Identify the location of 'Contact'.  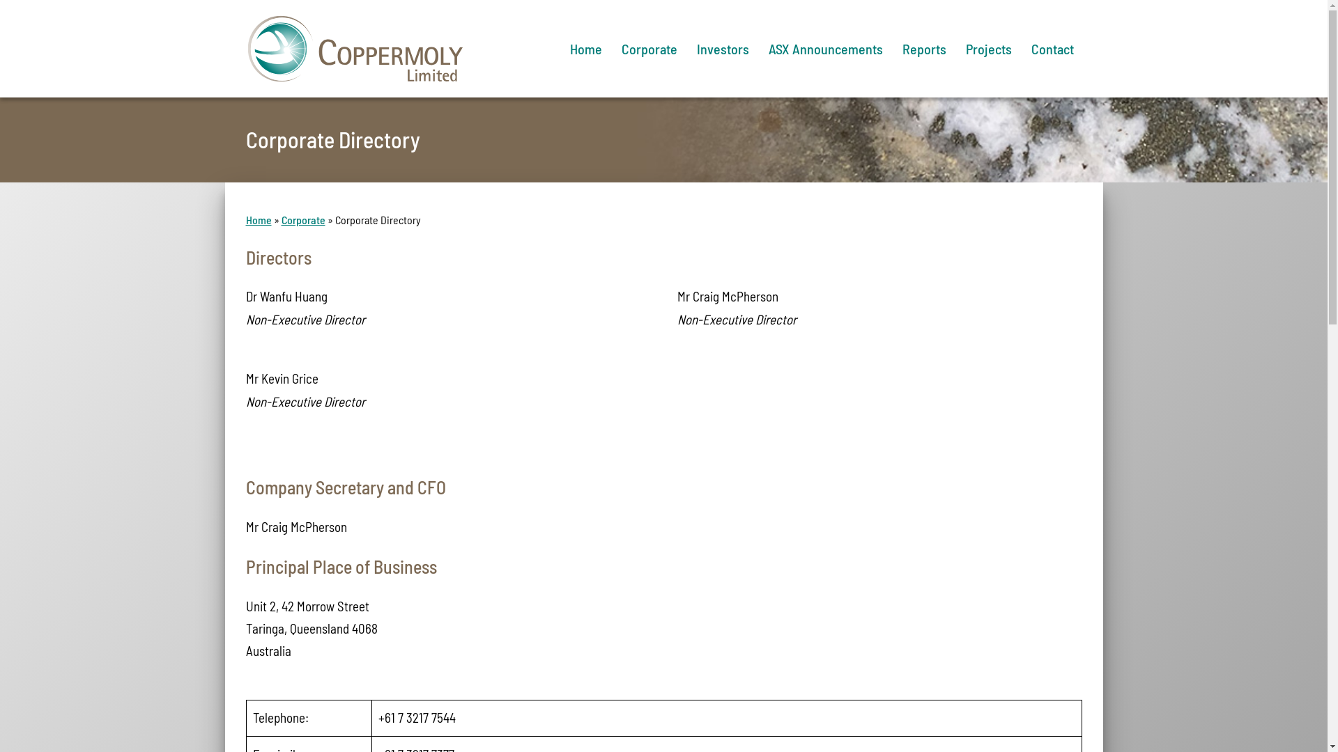
(1052, 47).